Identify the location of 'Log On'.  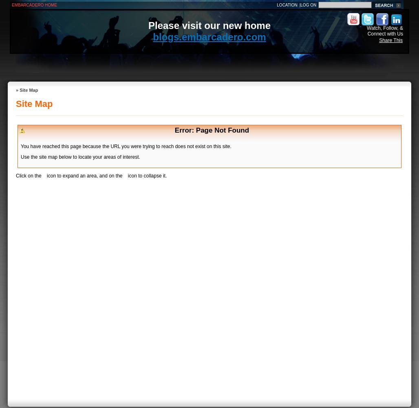
(308, 5).